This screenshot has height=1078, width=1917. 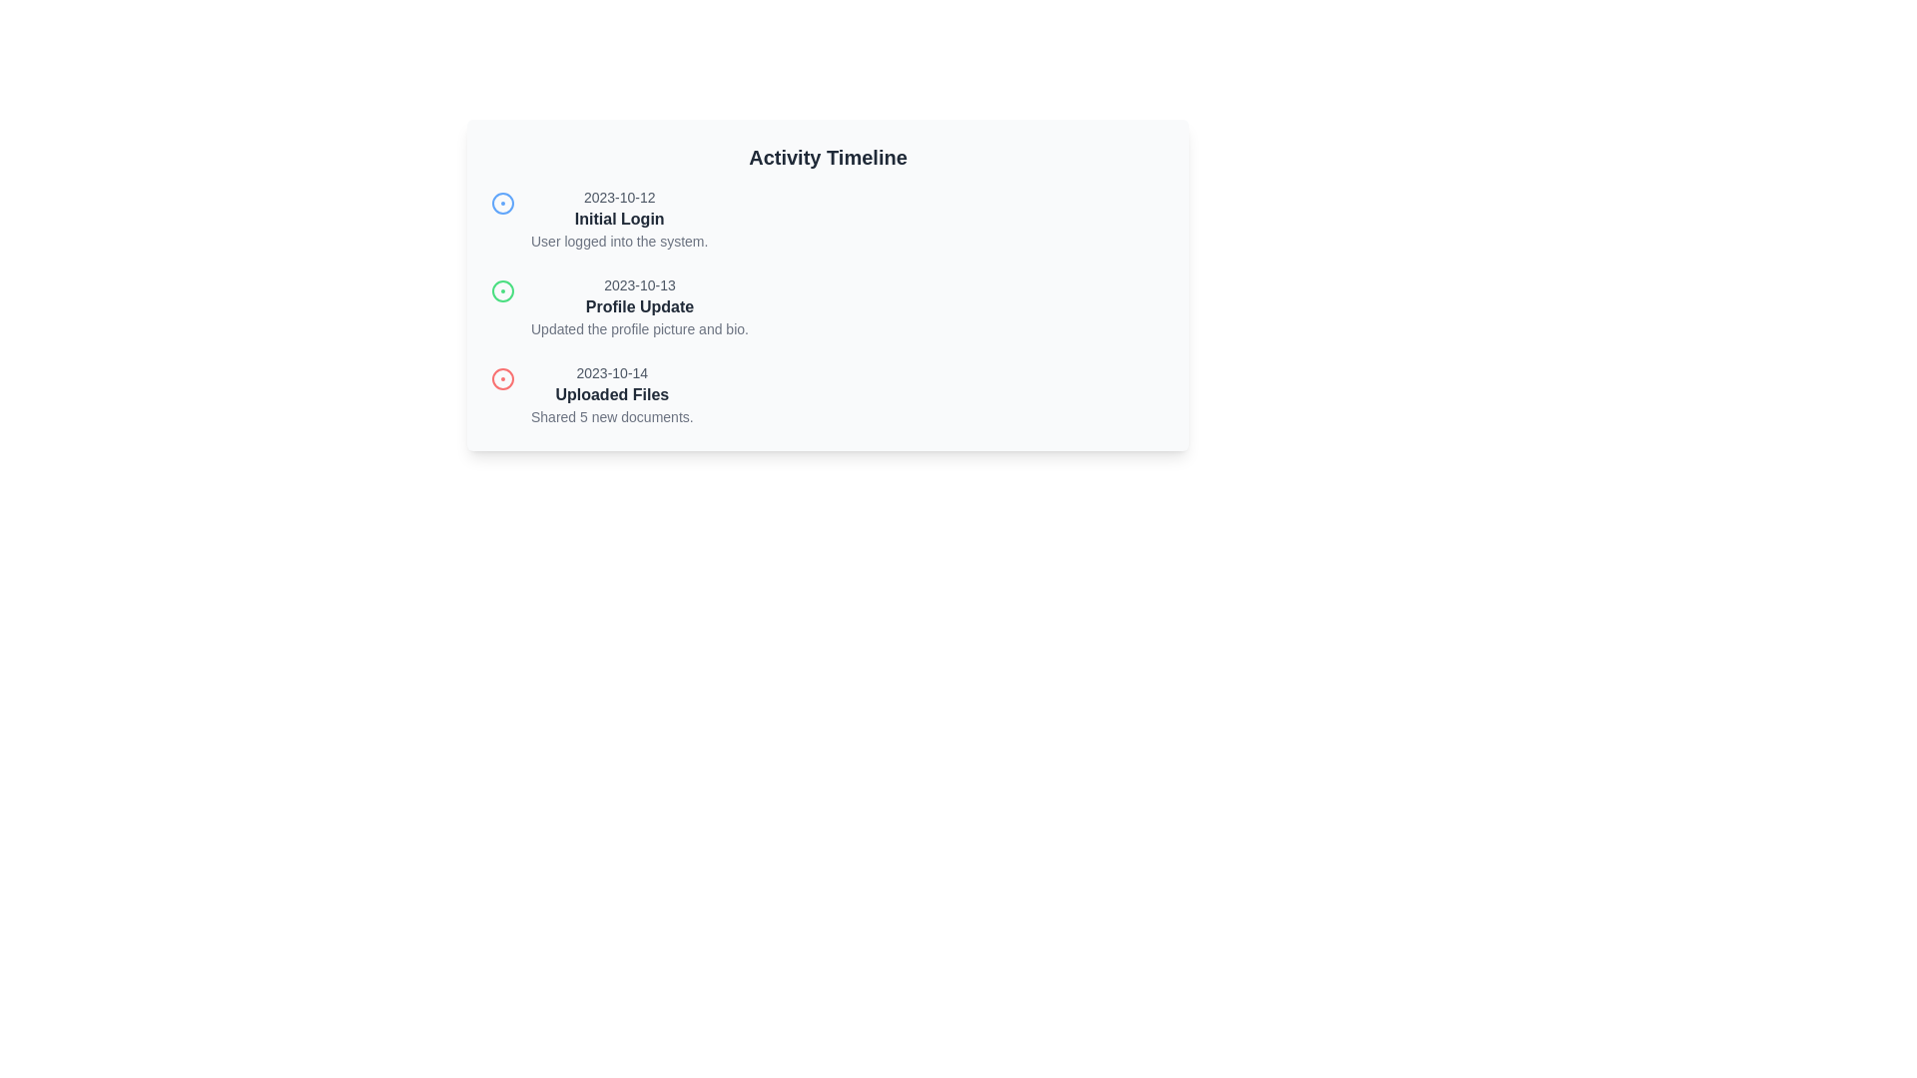 I want to click on the circular icon with a thin blue border and solid blue center dot, which is the first icon in a vertical list of three, located in the activity timeline panel, so click(x=503, y=204).